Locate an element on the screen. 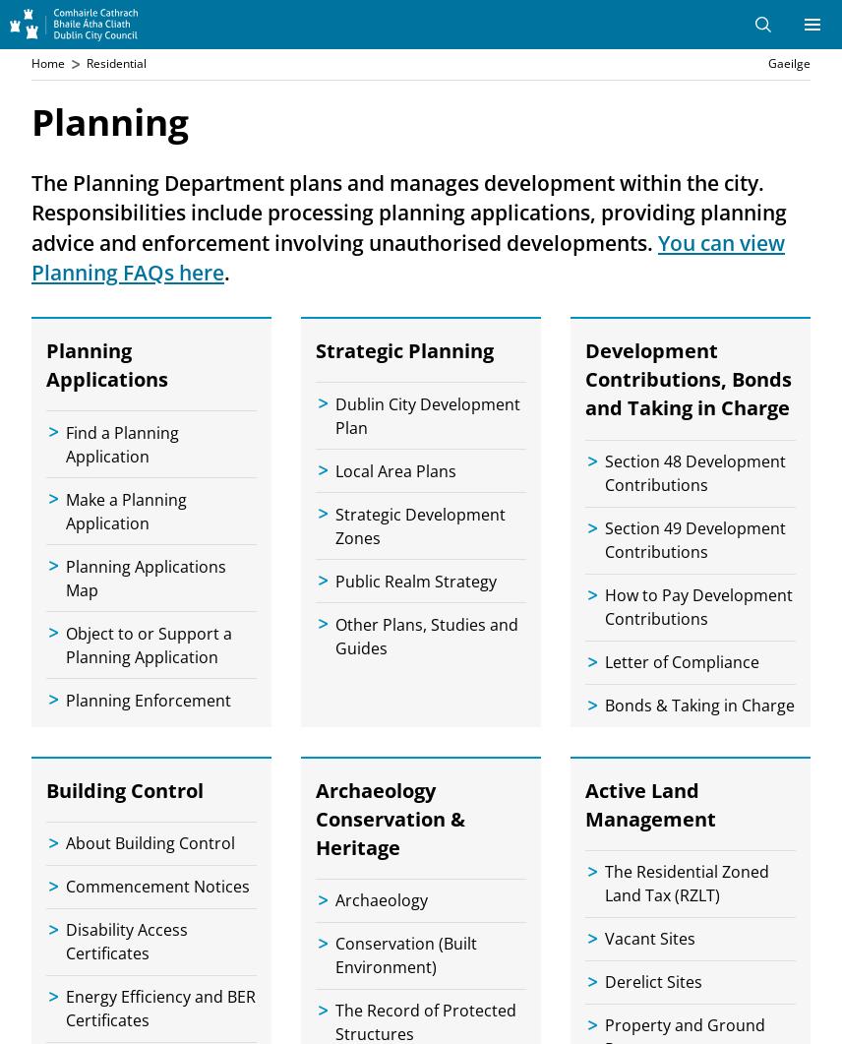  'Object to or Support a Planning Application' is located at coordinates (149, 643).